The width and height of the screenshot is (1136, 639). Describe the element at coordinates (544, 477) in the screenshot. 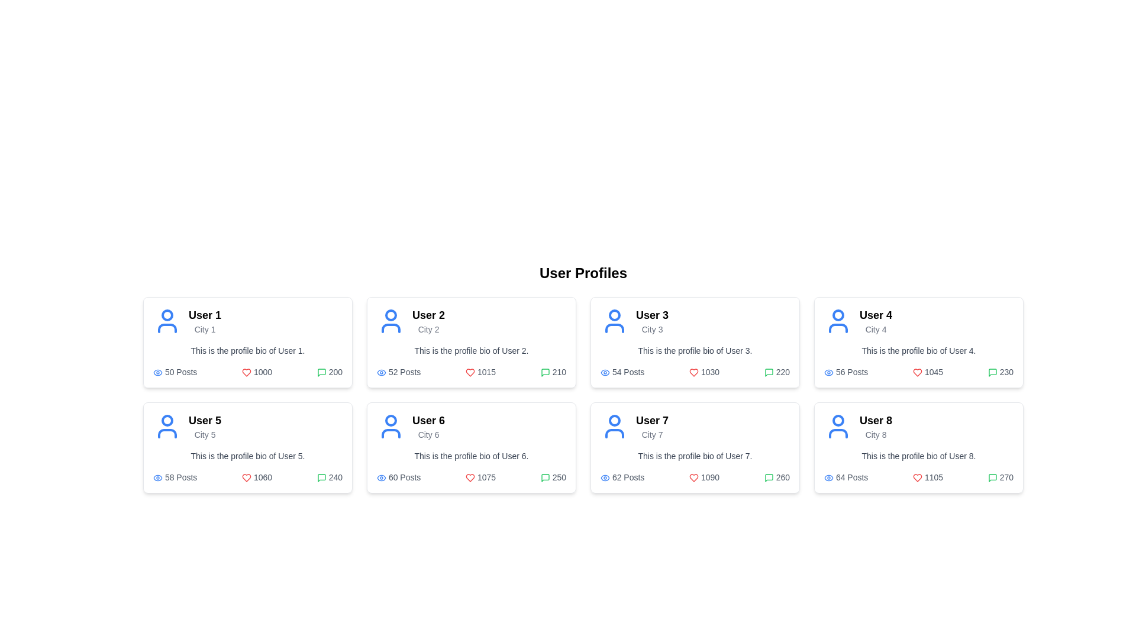

I see `the chat icon located in the bottom-right area of 'User 7's profile card` at that location.